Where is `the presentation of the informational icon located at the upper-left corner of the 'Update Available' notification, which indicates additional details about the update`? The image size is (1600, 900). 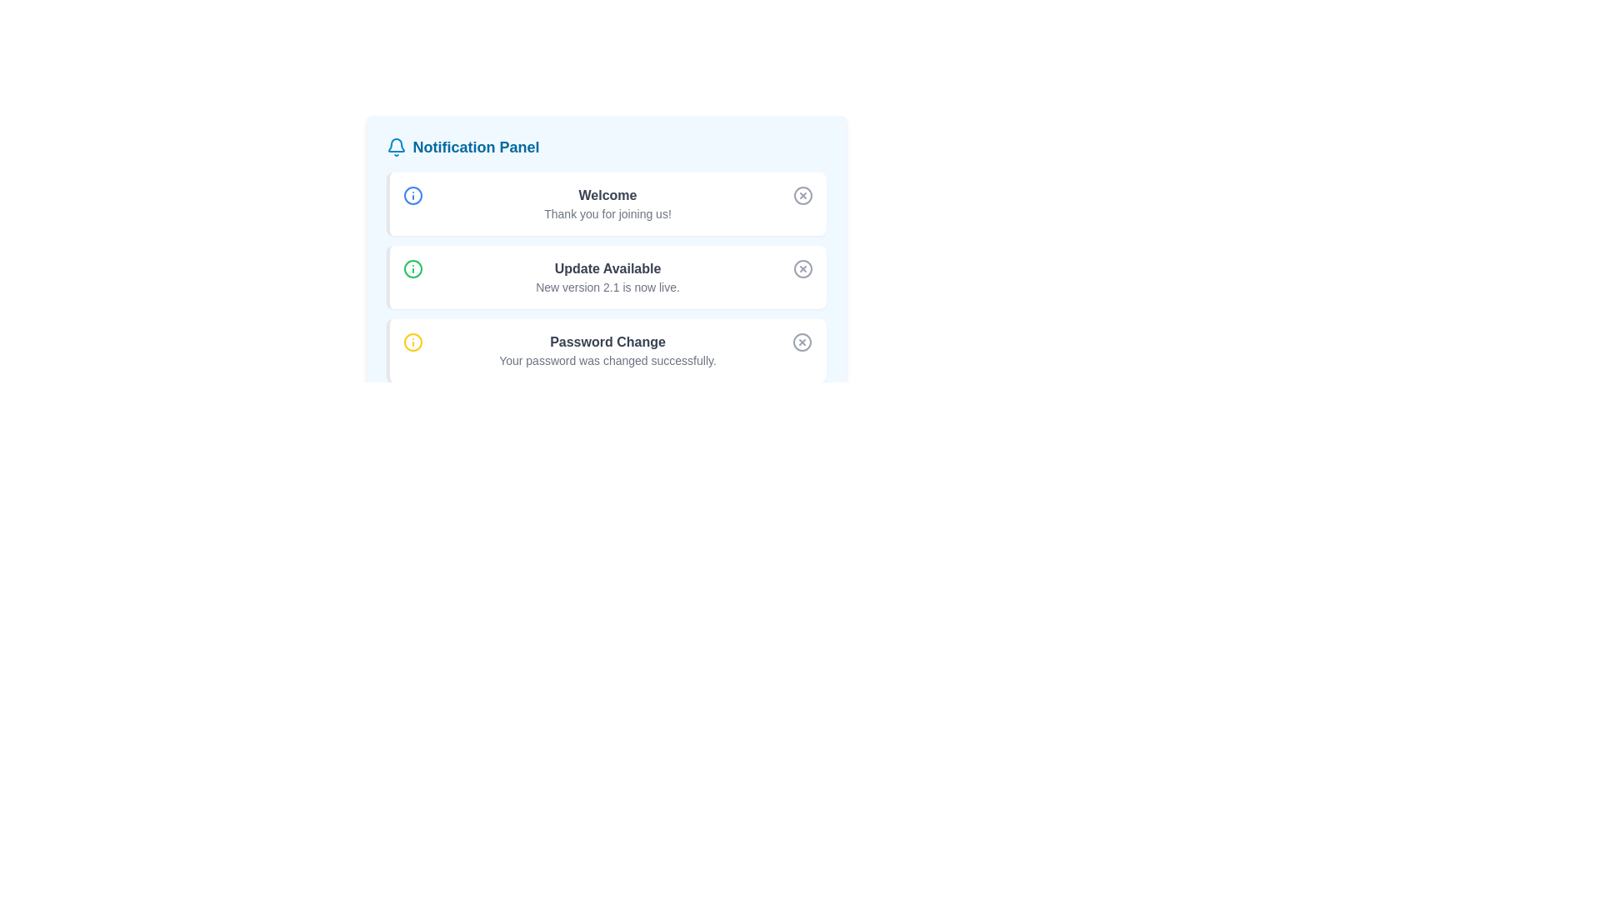
the presentation of the informational icon located at the upper-left corner of the 'Update Available' notification, which indicates additional details about the update is located at coordinates (412, 268).